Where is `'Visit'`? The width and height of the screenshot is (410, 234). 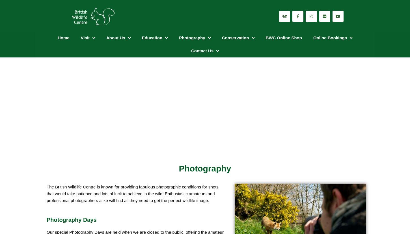
'Visit' is located at coordinates (81, 38).